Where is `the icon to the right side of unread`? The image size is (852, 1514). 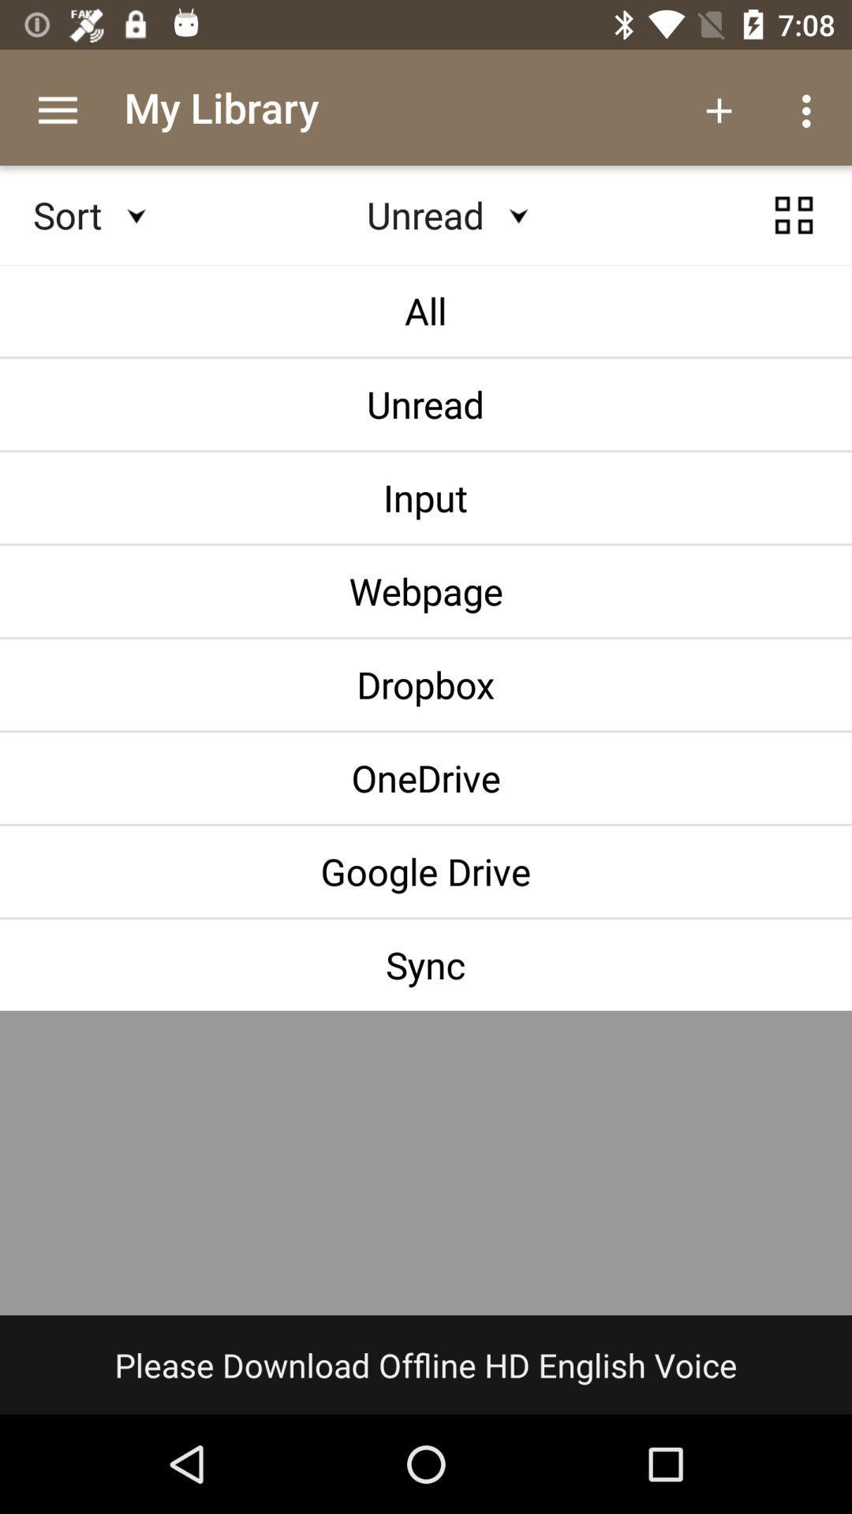 the icon to the right side of unread is located at coordinates (794, 214).